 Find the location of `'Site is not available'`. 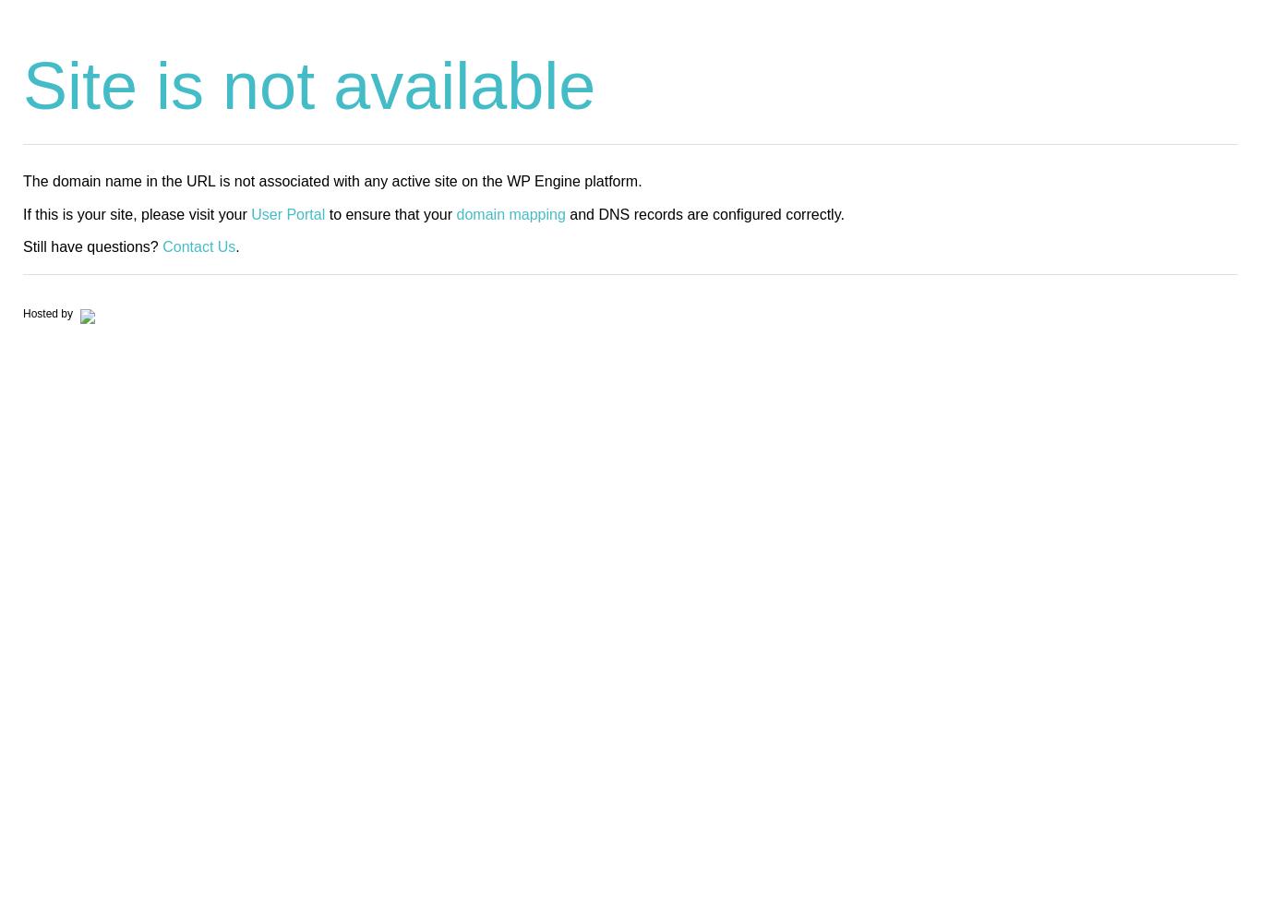

'Site is not available' is located at coordinates (308, 85).